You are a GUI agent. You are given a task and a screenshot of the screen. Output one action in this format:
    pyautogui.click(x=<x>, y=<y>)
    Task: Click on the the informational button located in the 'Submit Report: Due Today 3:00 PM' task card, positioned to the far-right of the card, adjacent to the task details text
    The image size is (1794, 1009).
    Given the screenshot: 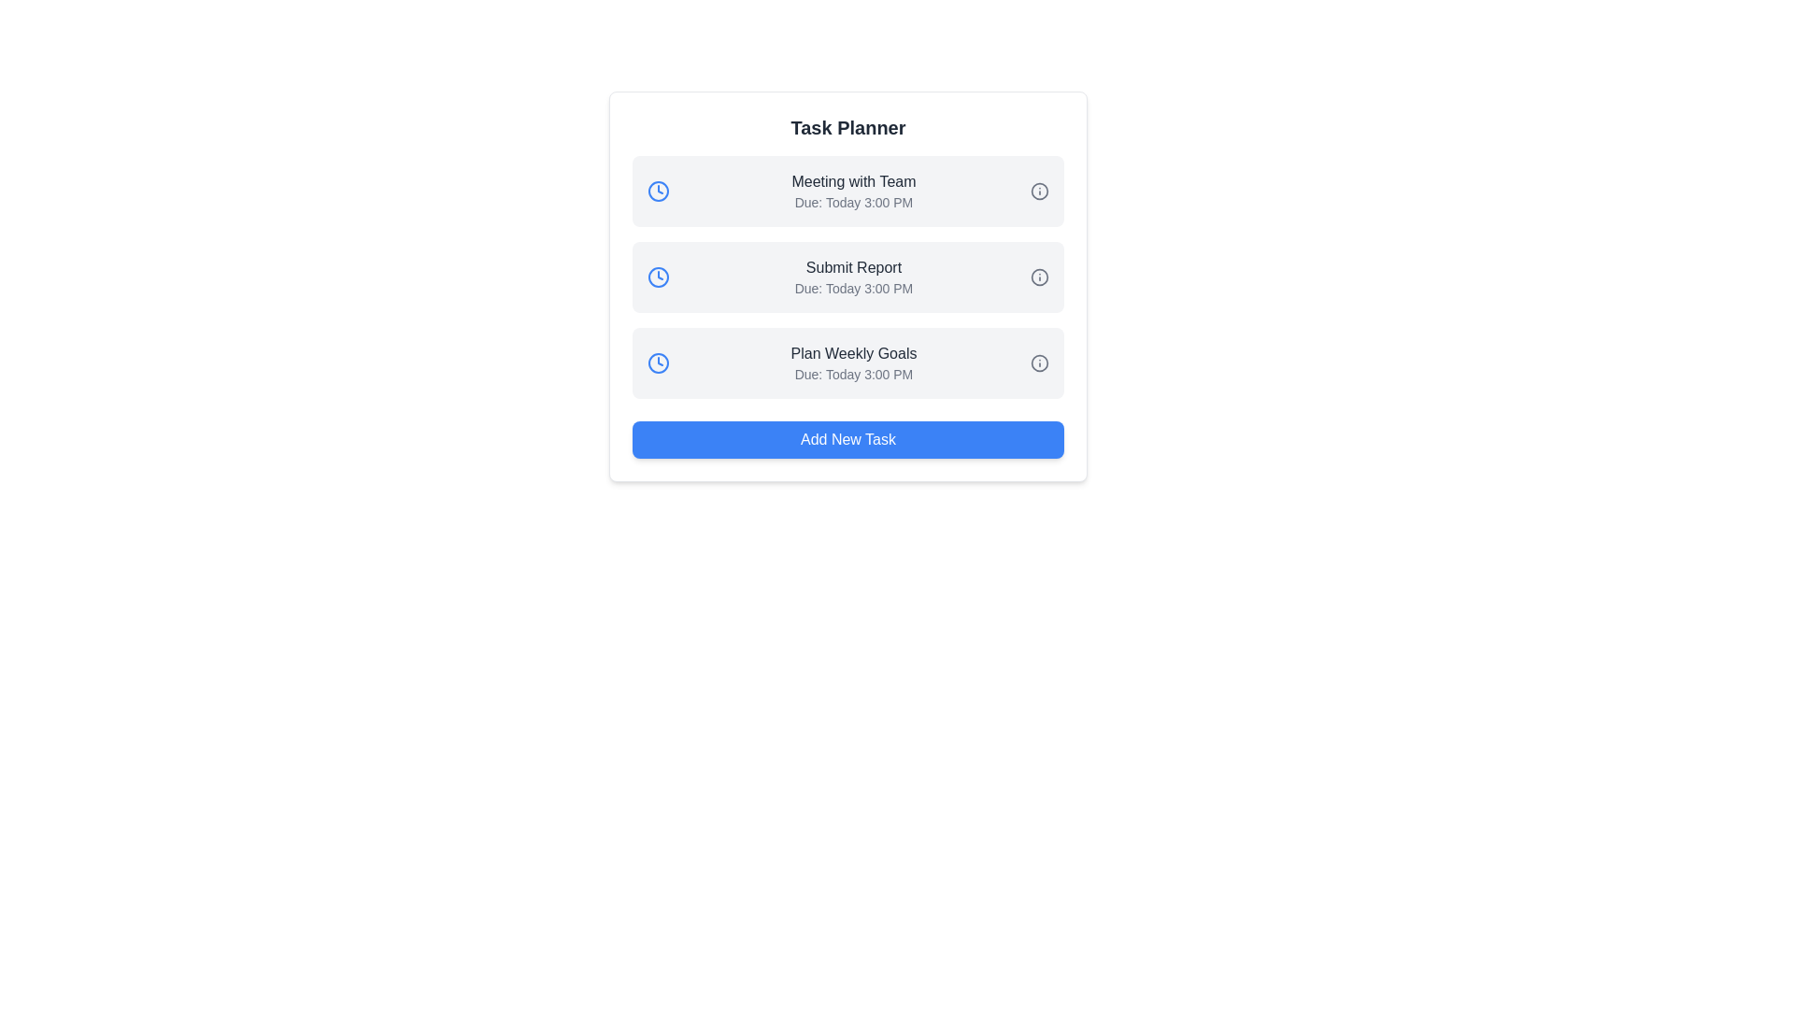 What is the action you would take?
    pyautogui.click(x=1034, y=277)
    